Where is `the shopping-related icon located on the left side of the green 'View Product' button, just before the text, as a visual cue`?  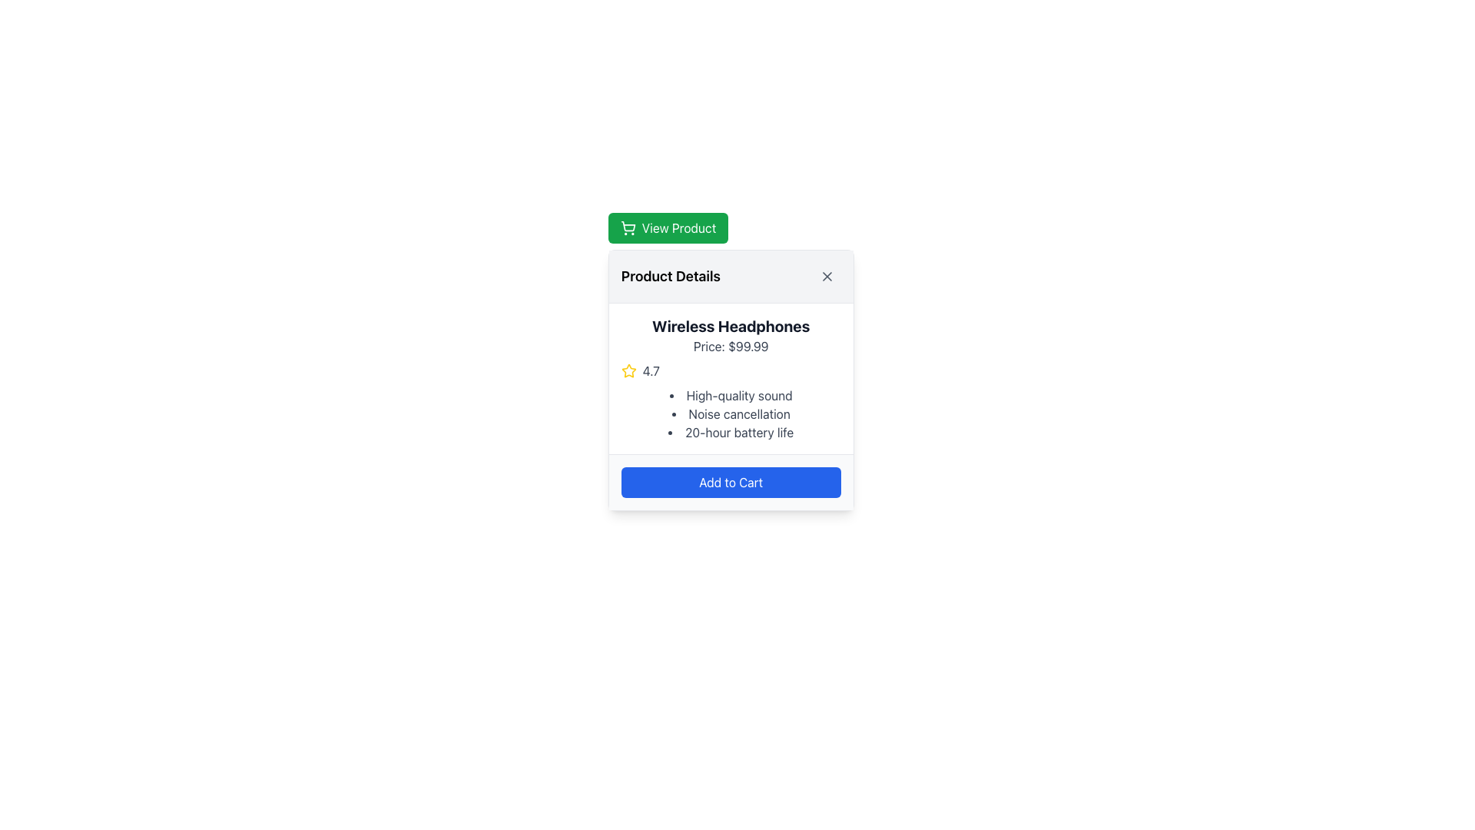 the shopping-related icon located on the left side of the green 'View Product' button, just before the text, as a visual cue is located at coordinates (628, 228).